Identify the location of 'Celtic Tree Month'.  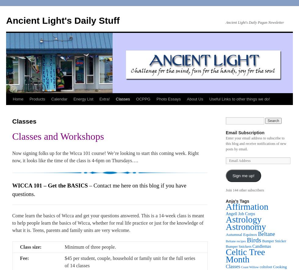
(245, 255).